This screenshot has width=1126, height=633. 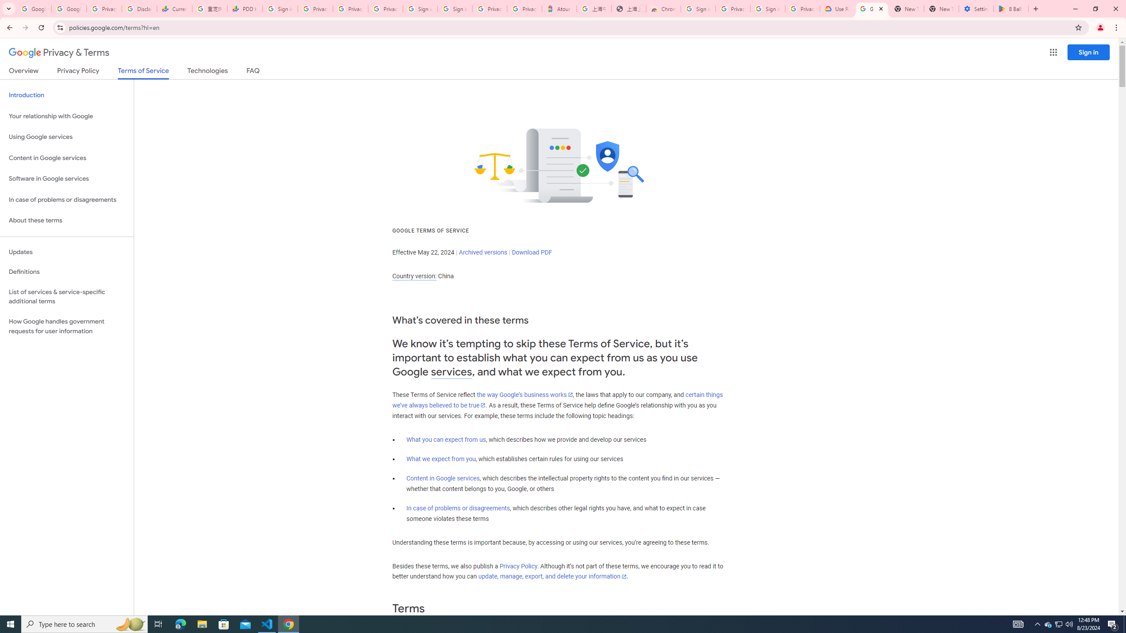 What do you see at coordinates (1088, 52) in the screenshot?
I see `'Sign in'` at bounding box center [1088, 52].